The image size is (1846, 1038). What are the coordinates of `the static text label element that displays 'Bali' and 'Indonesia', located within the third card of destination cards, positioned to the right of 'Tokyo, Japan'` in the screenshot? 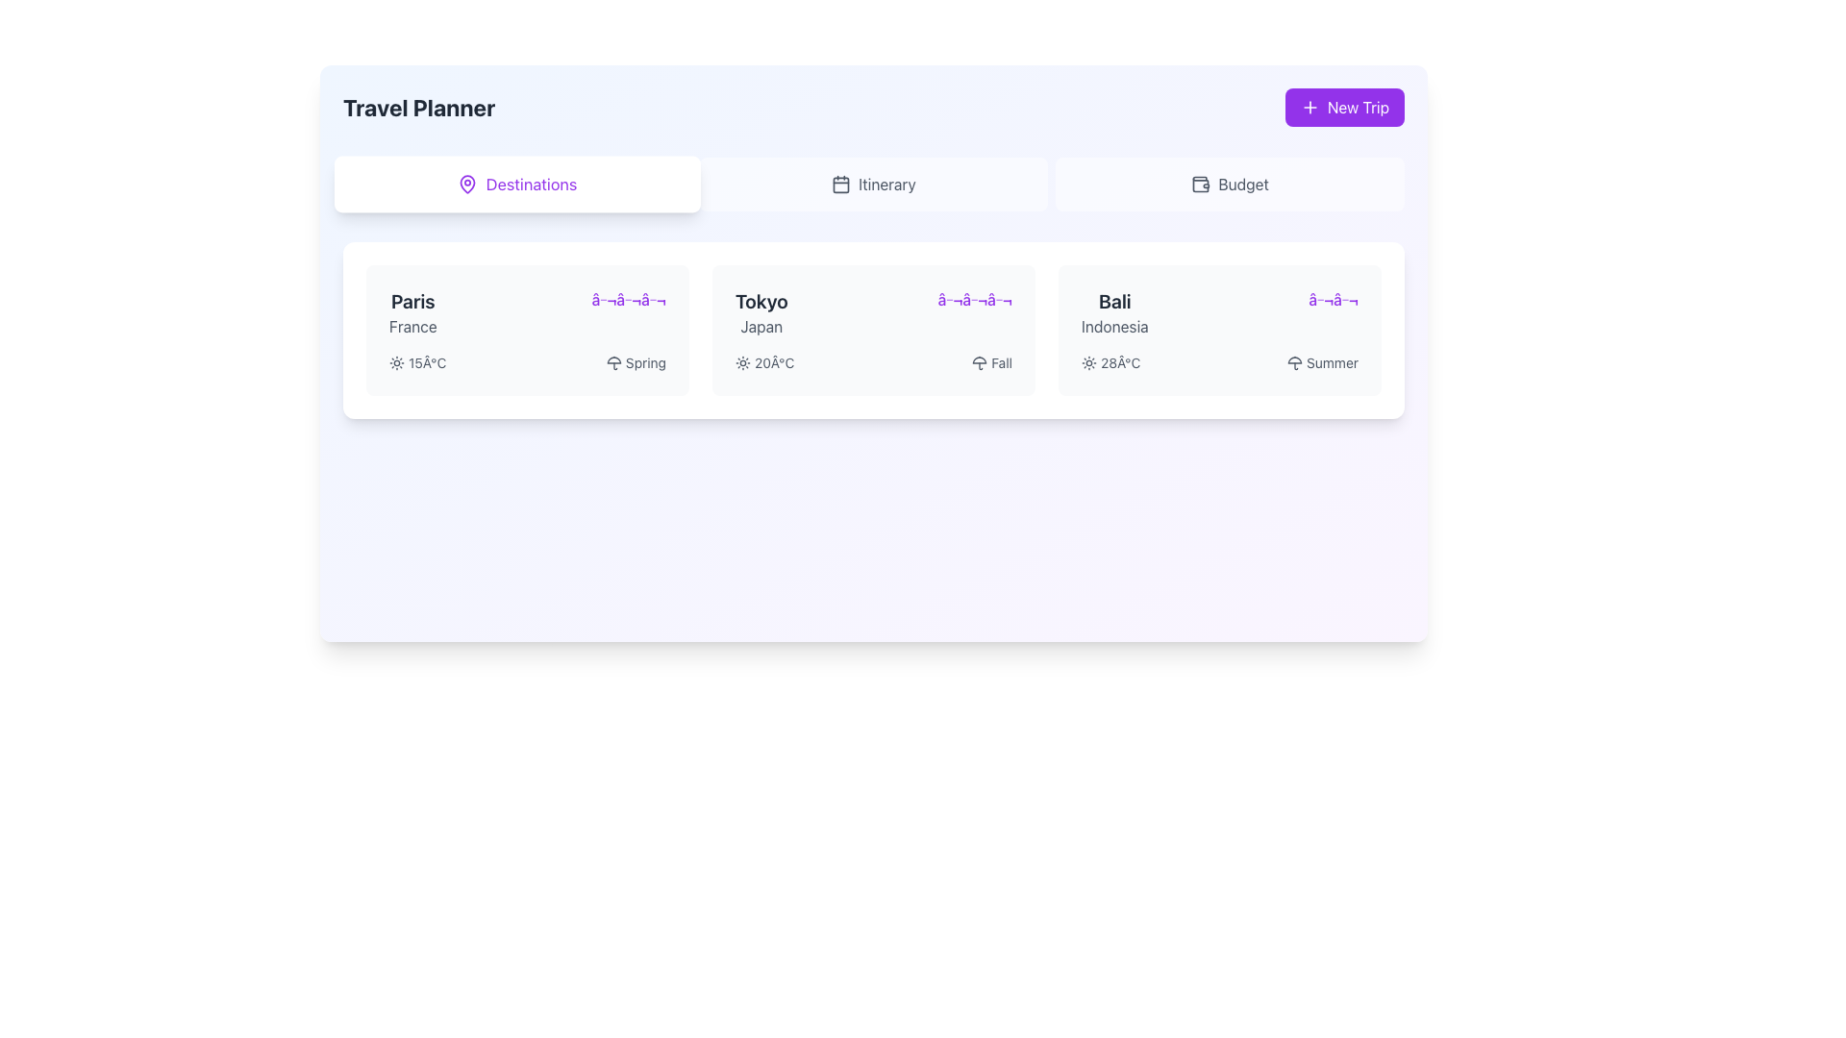 It's located at (1114, 312).